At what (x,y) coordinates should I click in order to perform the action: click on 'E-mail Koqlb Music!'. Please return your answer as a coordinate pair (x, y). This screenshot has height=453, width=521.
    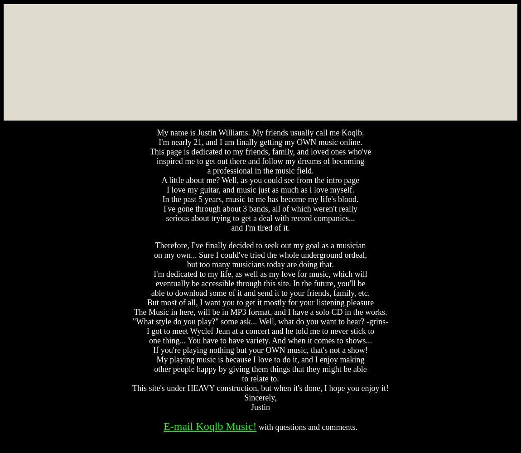
    Looking at the image, I should click on (210, 426).